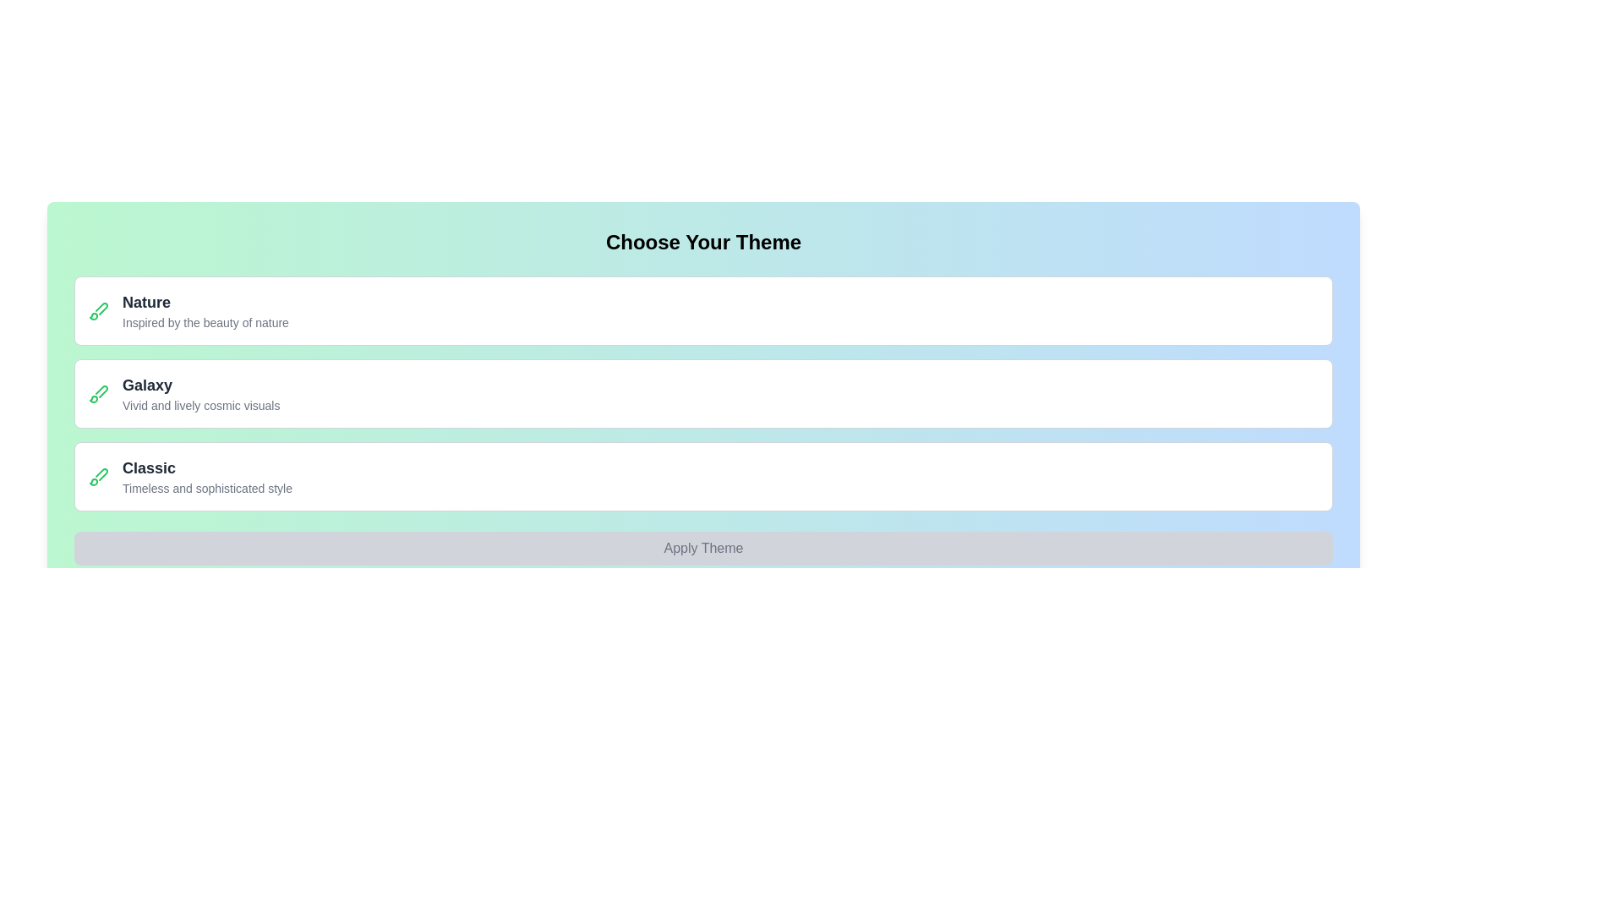 The height and width of the screenshot is (913, 1623). Describe the element at coordinates (101, 309) in the screenshot. I see `the brush-like icon in the first option's icon group, located on the left side of the 'Nature' textual area` at that location.